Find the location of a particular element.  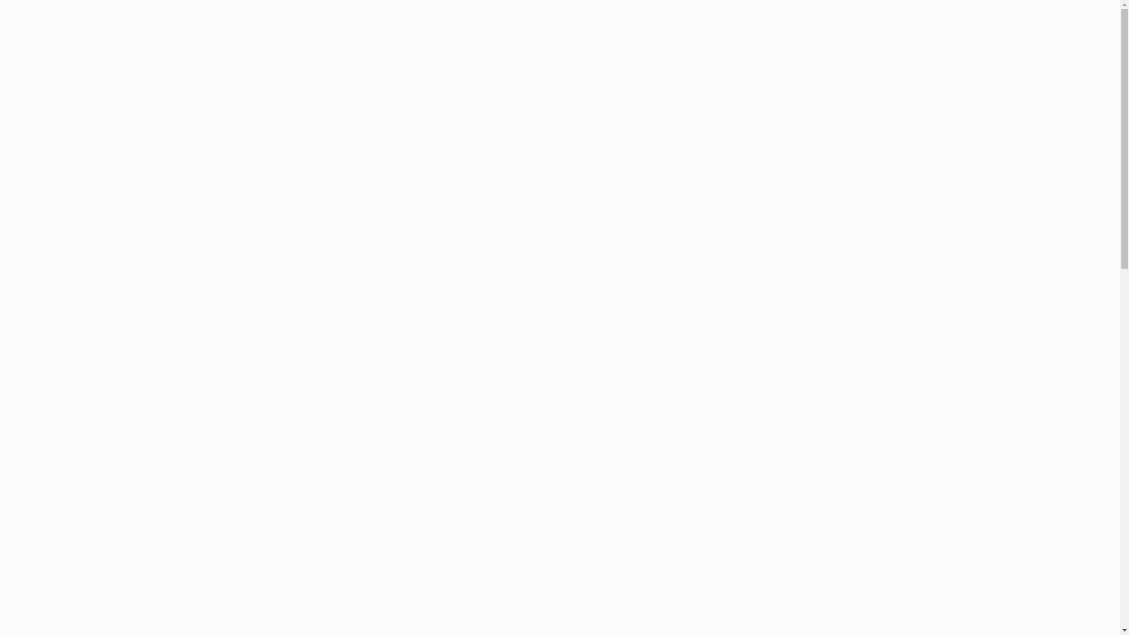

'Acteur.ice.s' is located at coordinates (687, 35).